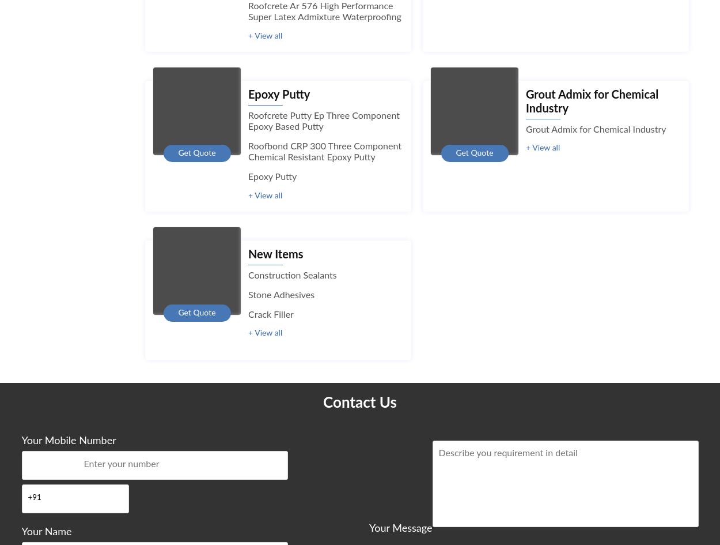  What do you see at coordinates (359, 402) in the screenshot?
I see `'Contact Us'` at bounding box center [359, 402].